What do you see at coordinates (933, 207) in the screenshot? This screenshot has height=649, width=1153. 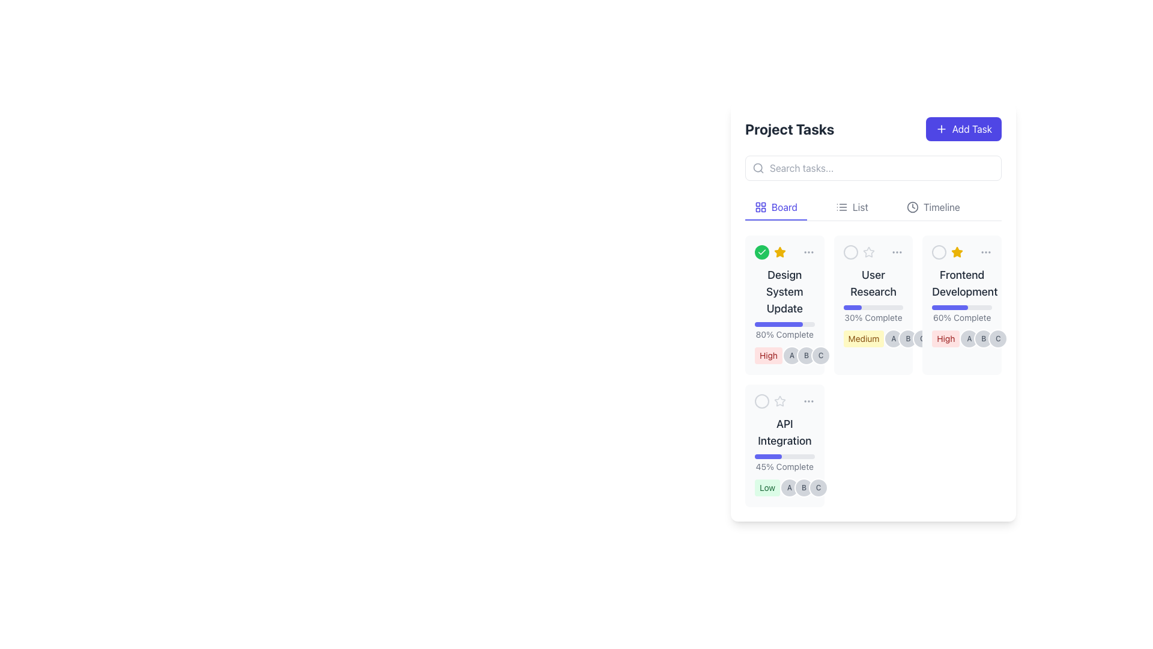 I see `the 'Timeline' tab in the navigation bar within the 'Project Tasks' section` at bounding box center [933, 207].